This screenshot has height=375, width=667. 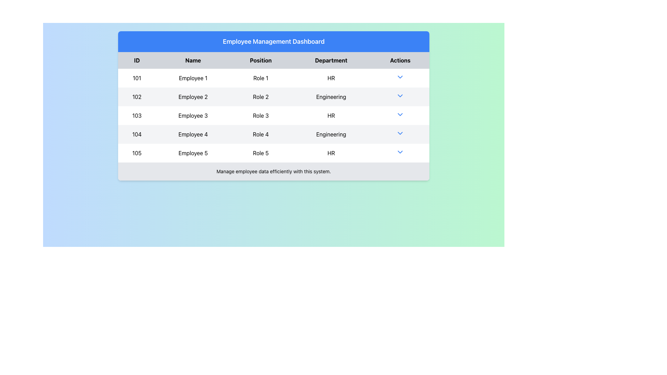 I want to click on the text label displaying 'Employee 2' located in the second row under the 'Name' column of the table, between the 'ID' column and the 'Role 2' in the 'Position' column, so click(x=193, y=97).